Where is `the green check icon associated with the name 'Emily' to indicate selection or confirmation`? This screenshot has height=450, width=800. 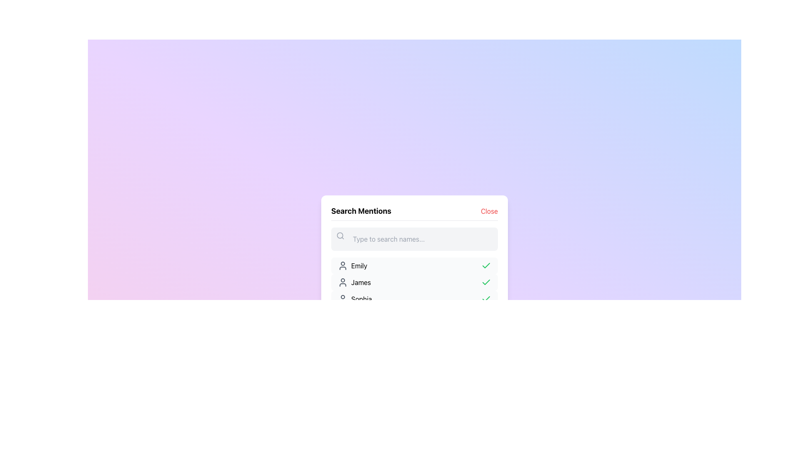 the green check icon associated with the name 'Emily' to indicate selection or confirmation is located at coordinates (486, 265).